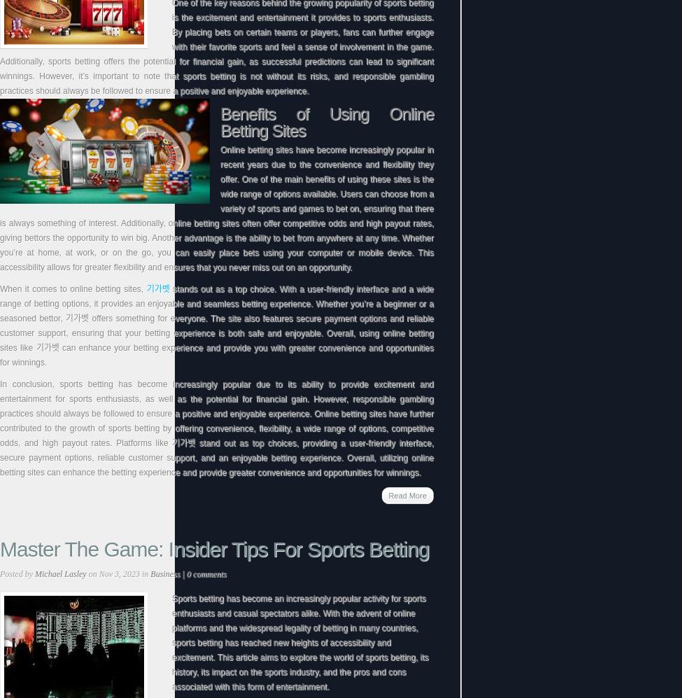 The width and height of the screenshot is (682, 698). Describe the element at coordinates (327, 121) in the screenshot. I see `'Benefits of Using Online Betting Sites'` at that location.